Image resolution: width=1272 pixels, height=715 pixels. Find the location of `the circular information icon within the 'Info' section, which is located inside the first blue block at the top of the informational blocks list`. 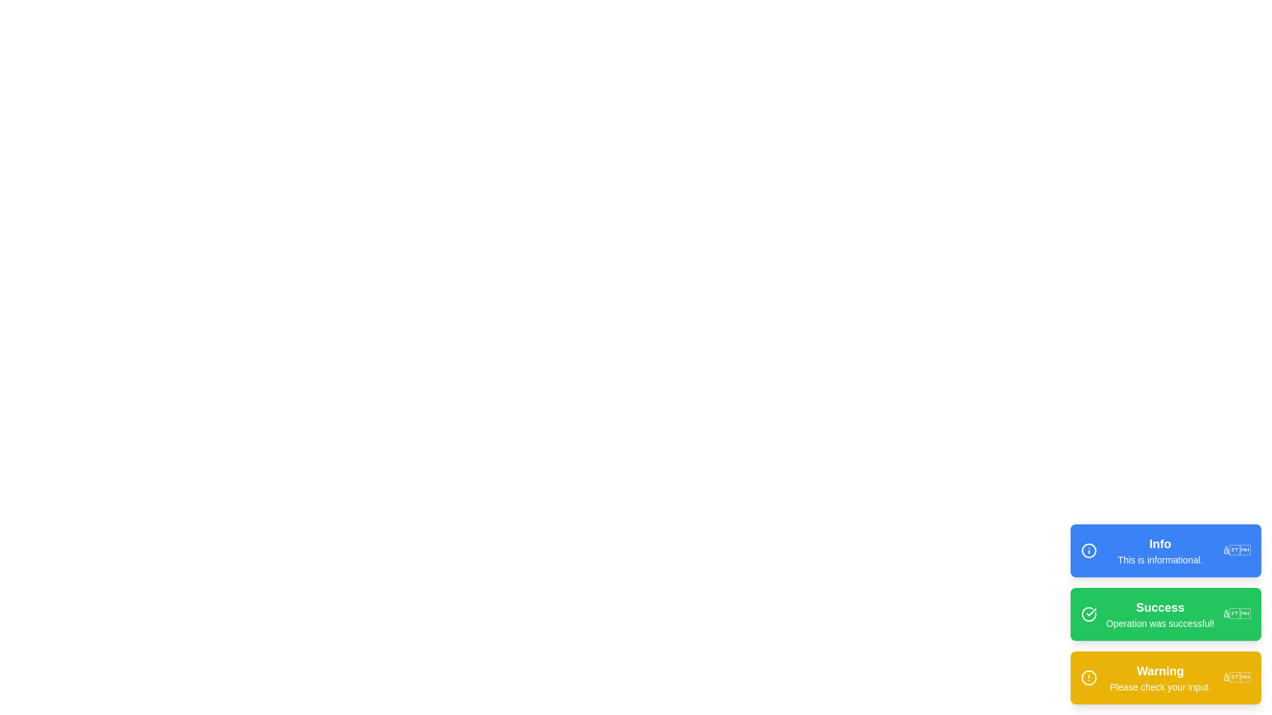

the circular information icon within the 'Info' section, which is located inside the first blue block at the top of the informational blocks list is located at coordinates (1088, 551).